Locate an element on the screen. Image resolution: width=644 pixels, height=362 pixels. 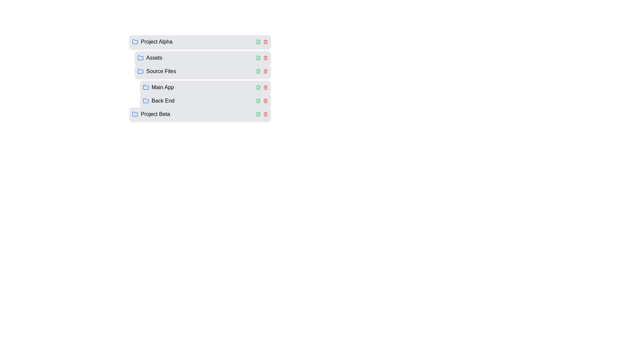
the 'delete' icon in the interactive button set located to the right of the 'Assets' folder label is located at coordinates (262, 58).